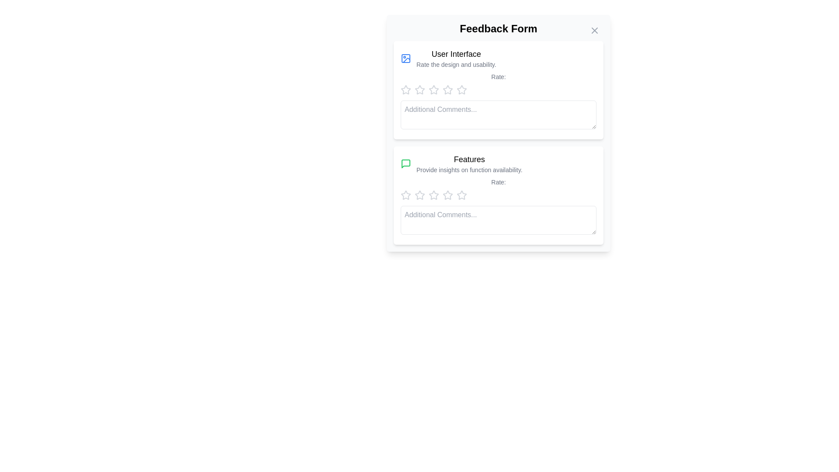  Describe the element at coordinates (419, 90) in the screenshot. I see `the second star from the left in the horizontal row of five stars in the User Interface subsection of the feedback form card` at that location.